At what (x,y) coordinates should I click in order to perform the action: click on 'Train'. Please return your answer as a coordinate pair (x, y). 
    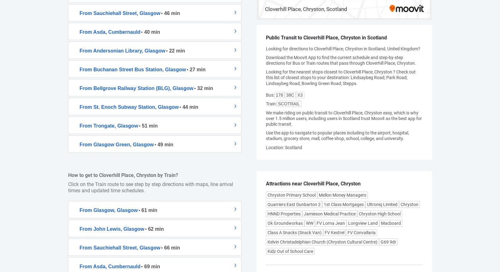
    Looking at the image, I should click on (265, 103).